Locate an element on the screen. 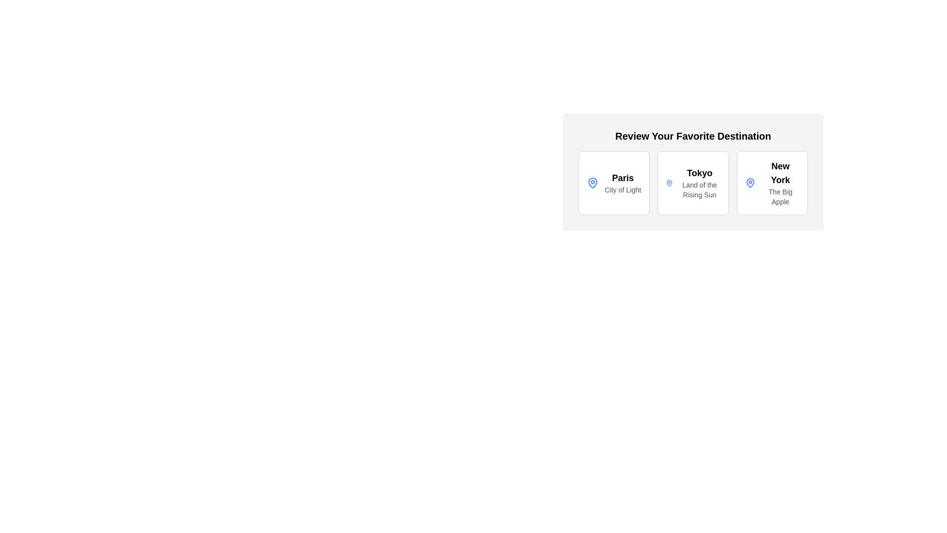 The height and width of the screenshot is (533, 947). the Text Label located directly below the bold label 'Paris' within the leftmost card of a set of horizontally arranged cards, which provides additional information related to 'Paris' is located at coordinates (622, 190).